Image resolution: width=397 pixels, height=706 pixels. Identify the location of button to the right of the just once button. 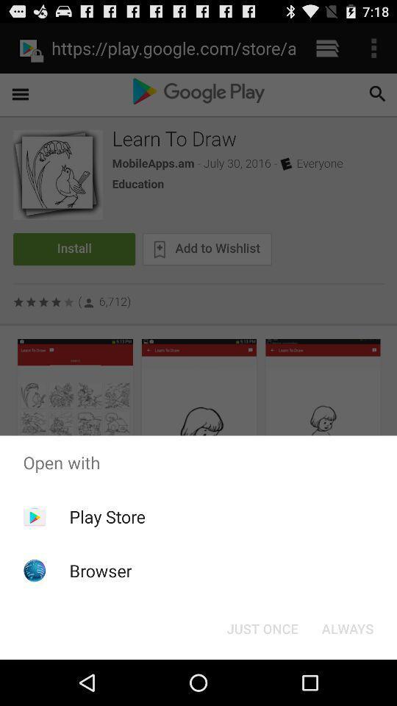
(347, 627).